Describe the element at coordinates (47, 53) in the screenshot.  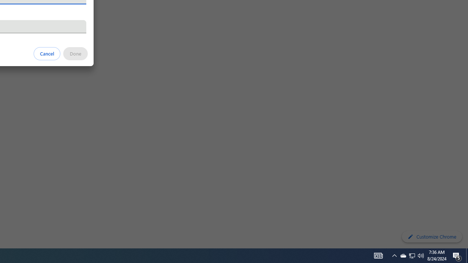
I see `'Cancel'` at that location.